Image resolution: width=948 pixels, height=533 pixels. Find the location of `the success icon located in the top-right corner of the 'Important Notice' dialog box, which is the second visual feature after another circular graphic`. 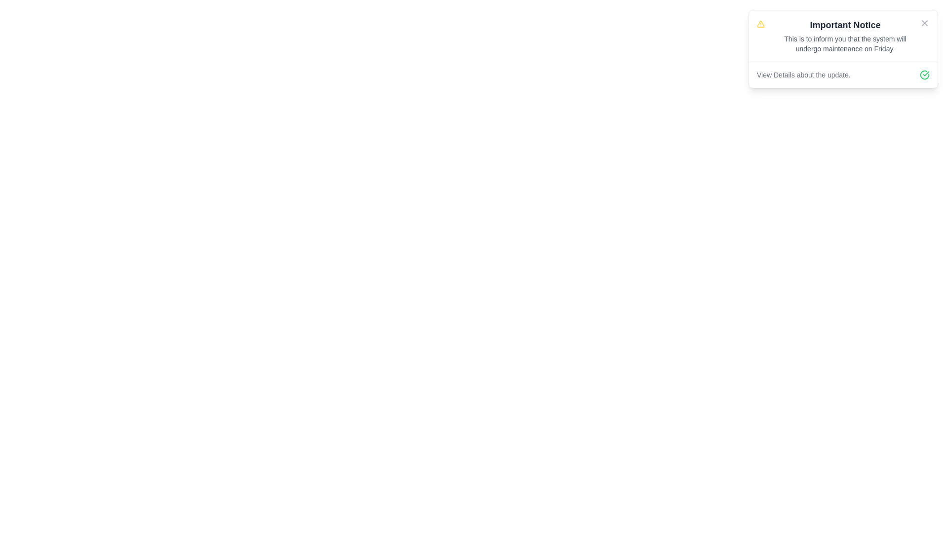

the success icon located in the top-right corner of the 'Important Notice' dialog box, which is the second visual feature after another circular graphic is located at coordinates (924, 74).